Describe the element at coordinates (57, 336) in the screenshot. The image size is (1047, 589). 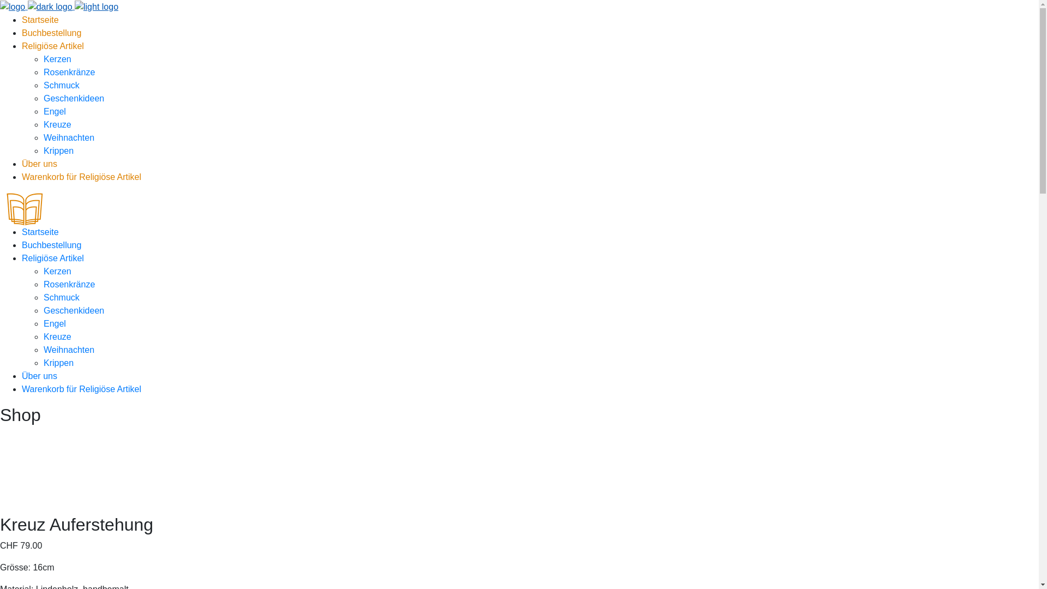
I see `'Kreuze'` at that location.